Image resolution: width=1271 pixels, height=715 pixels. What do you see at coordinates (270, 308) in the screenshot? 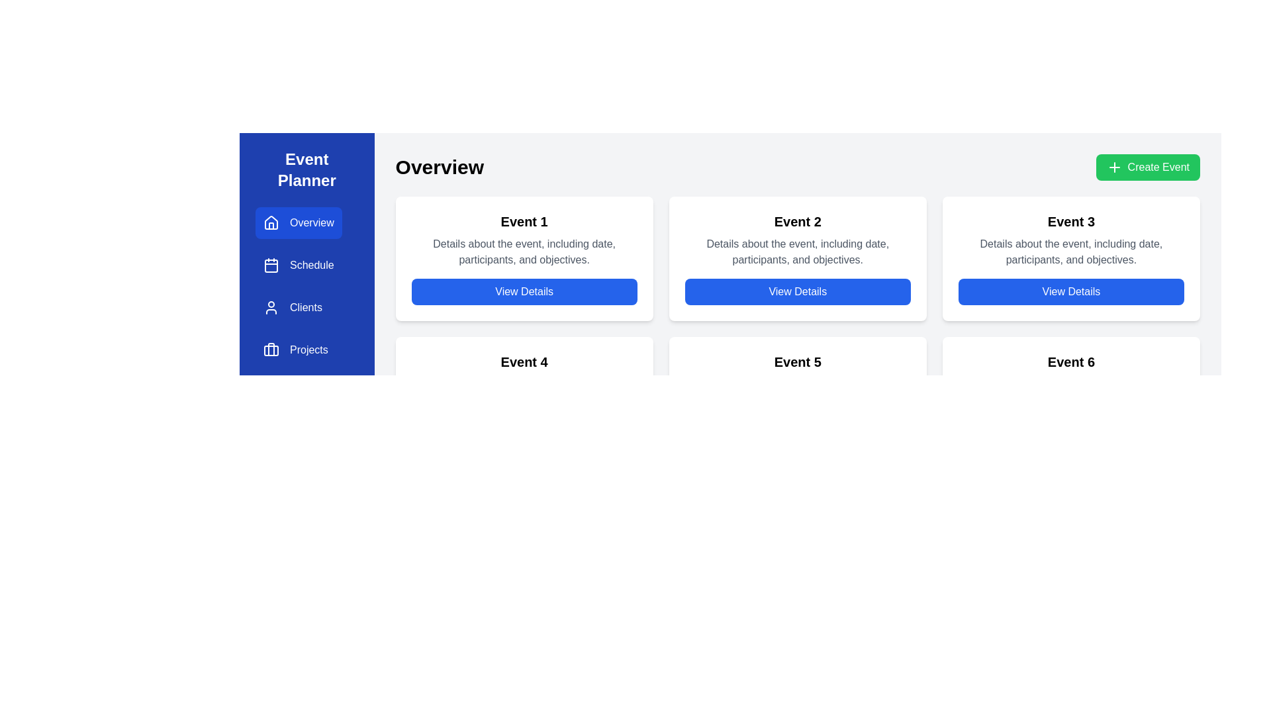
I see `the 'Clients' icon located on the vertical navigation sidebar to the left, next to the text 'Clients'` at bounding box center [270, 308].